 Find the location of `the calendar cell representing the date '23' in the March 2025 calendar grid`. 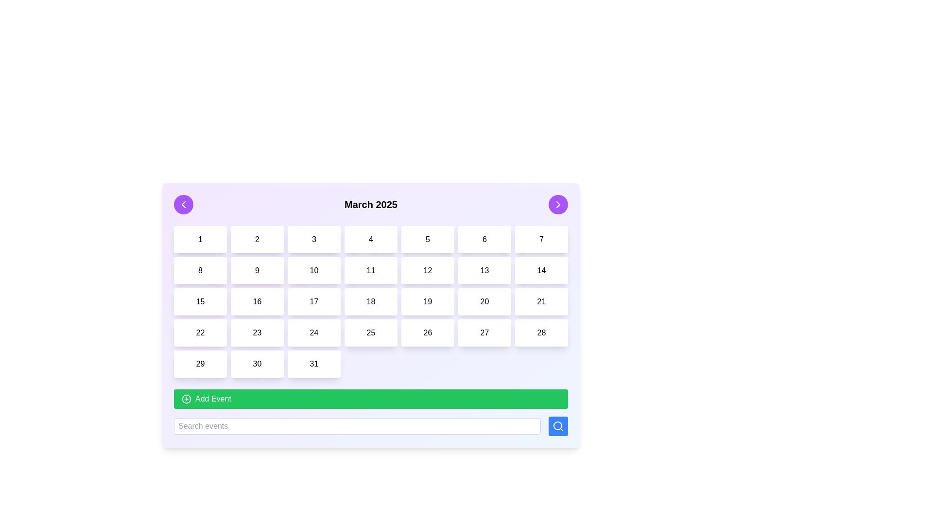

the calendar cell representing the date '23' in the March 2025 calendar grid is located at coordinates (257, 332).